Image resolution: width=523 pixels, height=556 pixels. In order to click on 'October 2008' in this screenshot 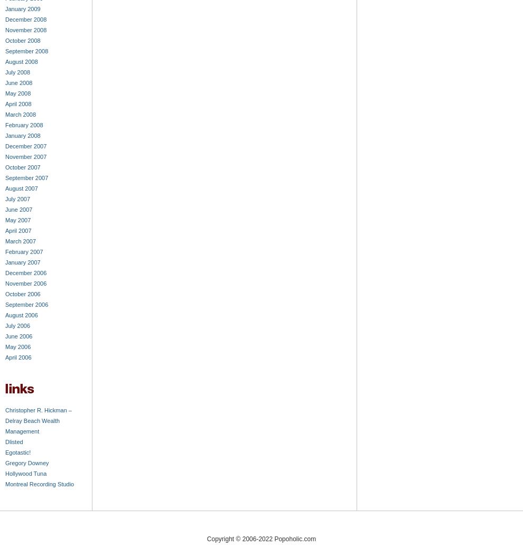, I will do `click(22, 40)`.